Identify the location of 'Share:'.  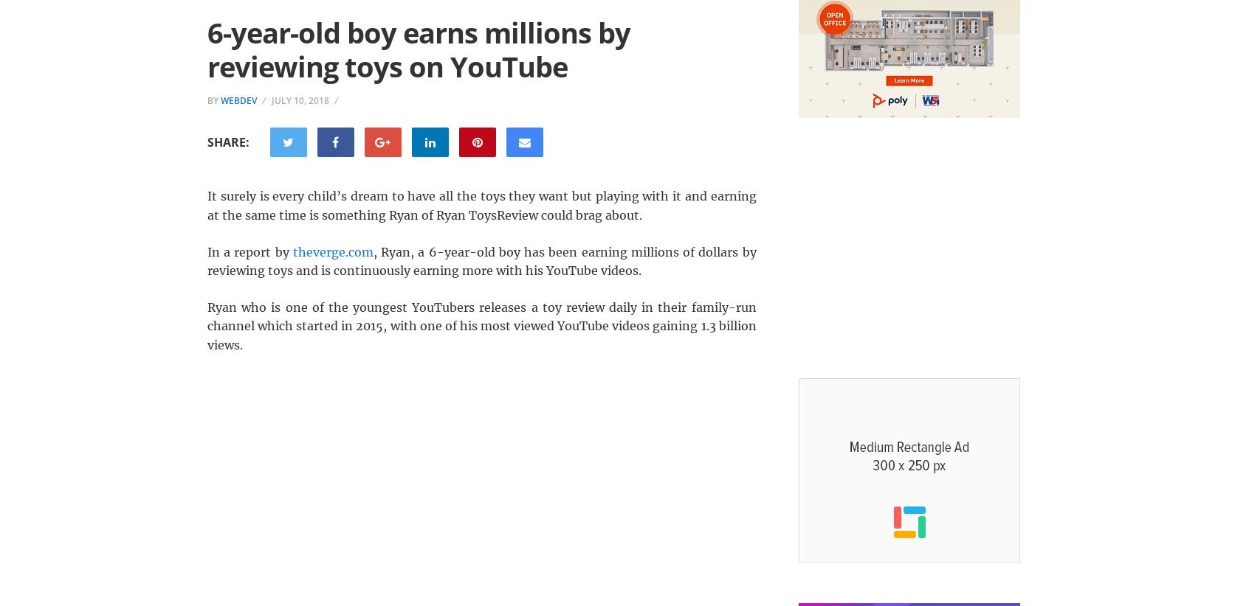
(227, 142).